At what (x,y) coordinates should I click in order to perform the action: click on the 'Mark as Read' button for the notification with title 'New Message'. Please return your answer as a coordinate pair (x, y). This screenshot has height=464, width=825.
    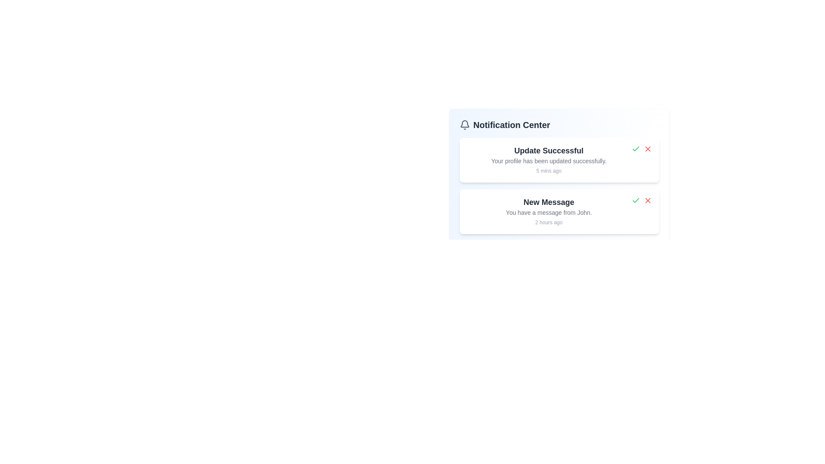
    Looking at the image, I should click on (636, 200).